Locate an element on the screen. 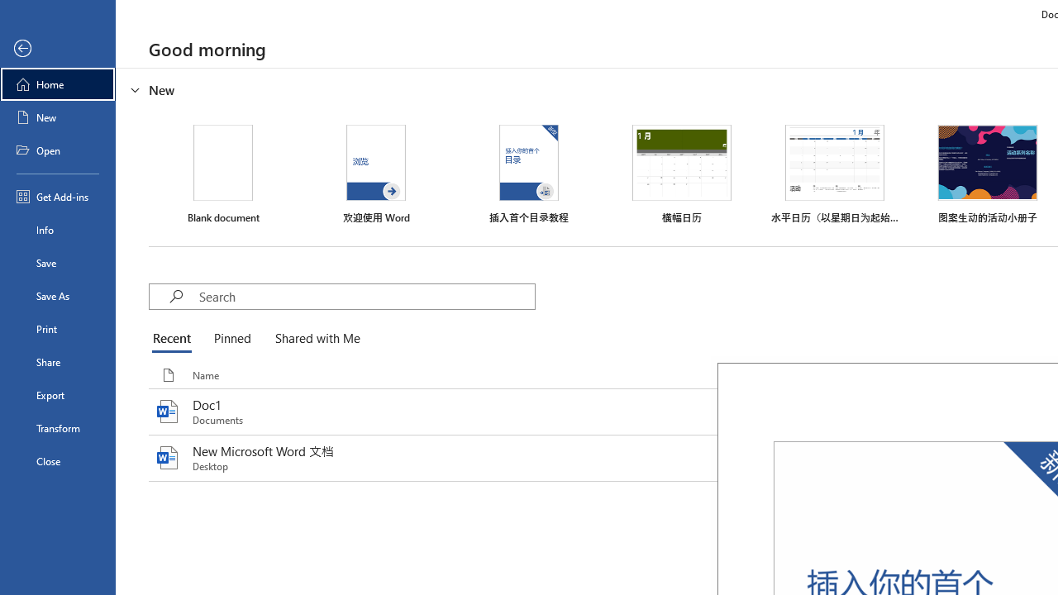  'Shared with Me' is located at coordinates (314, 339).